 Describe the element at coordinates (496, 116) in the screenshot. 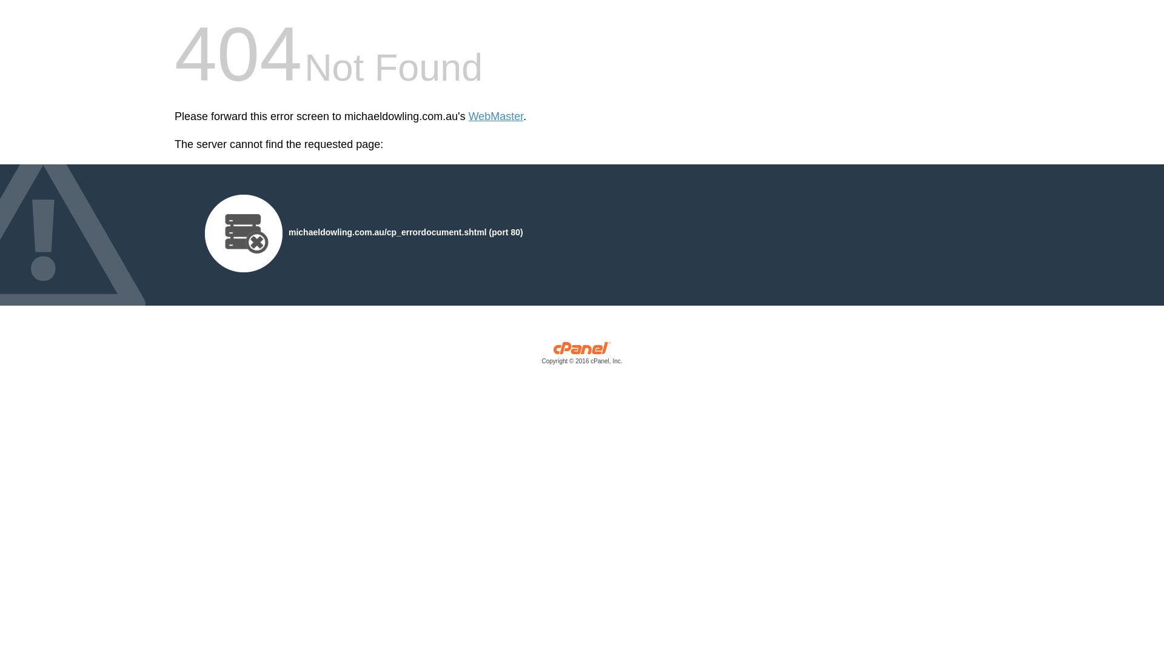

I see `'WebMaster'` at that location.